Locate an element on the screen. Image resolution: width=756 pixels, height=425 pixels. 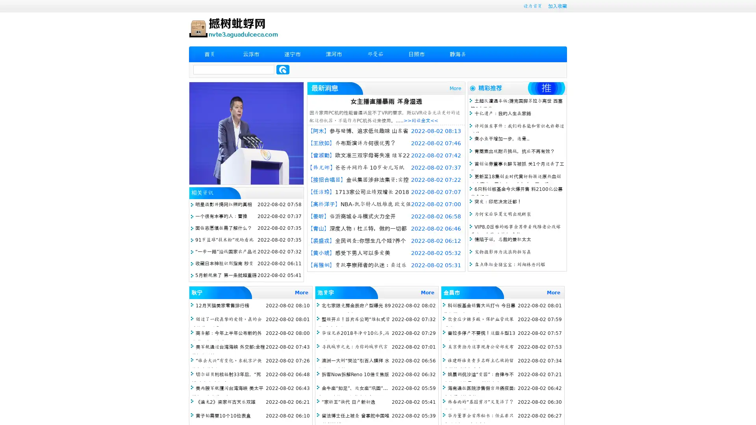
Search is located at coordinates (283, 69).